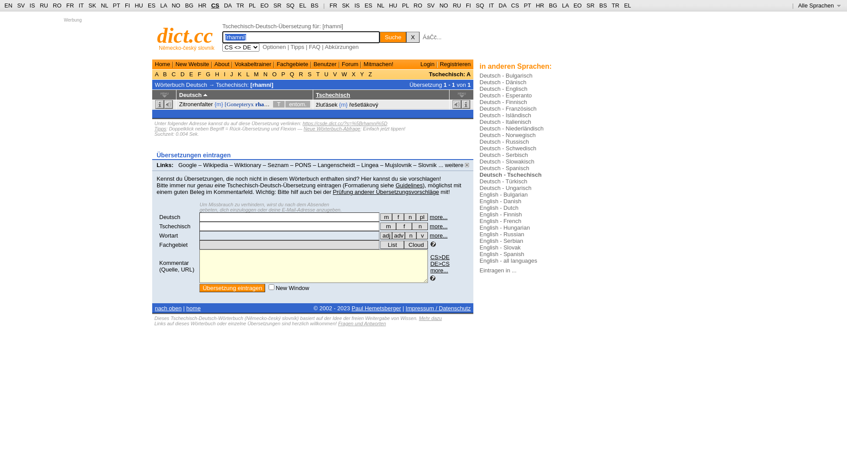  What do you see at coordinates (127, 5) in the screenshot?
I see `'FI'` at bounding box center [127, 5].